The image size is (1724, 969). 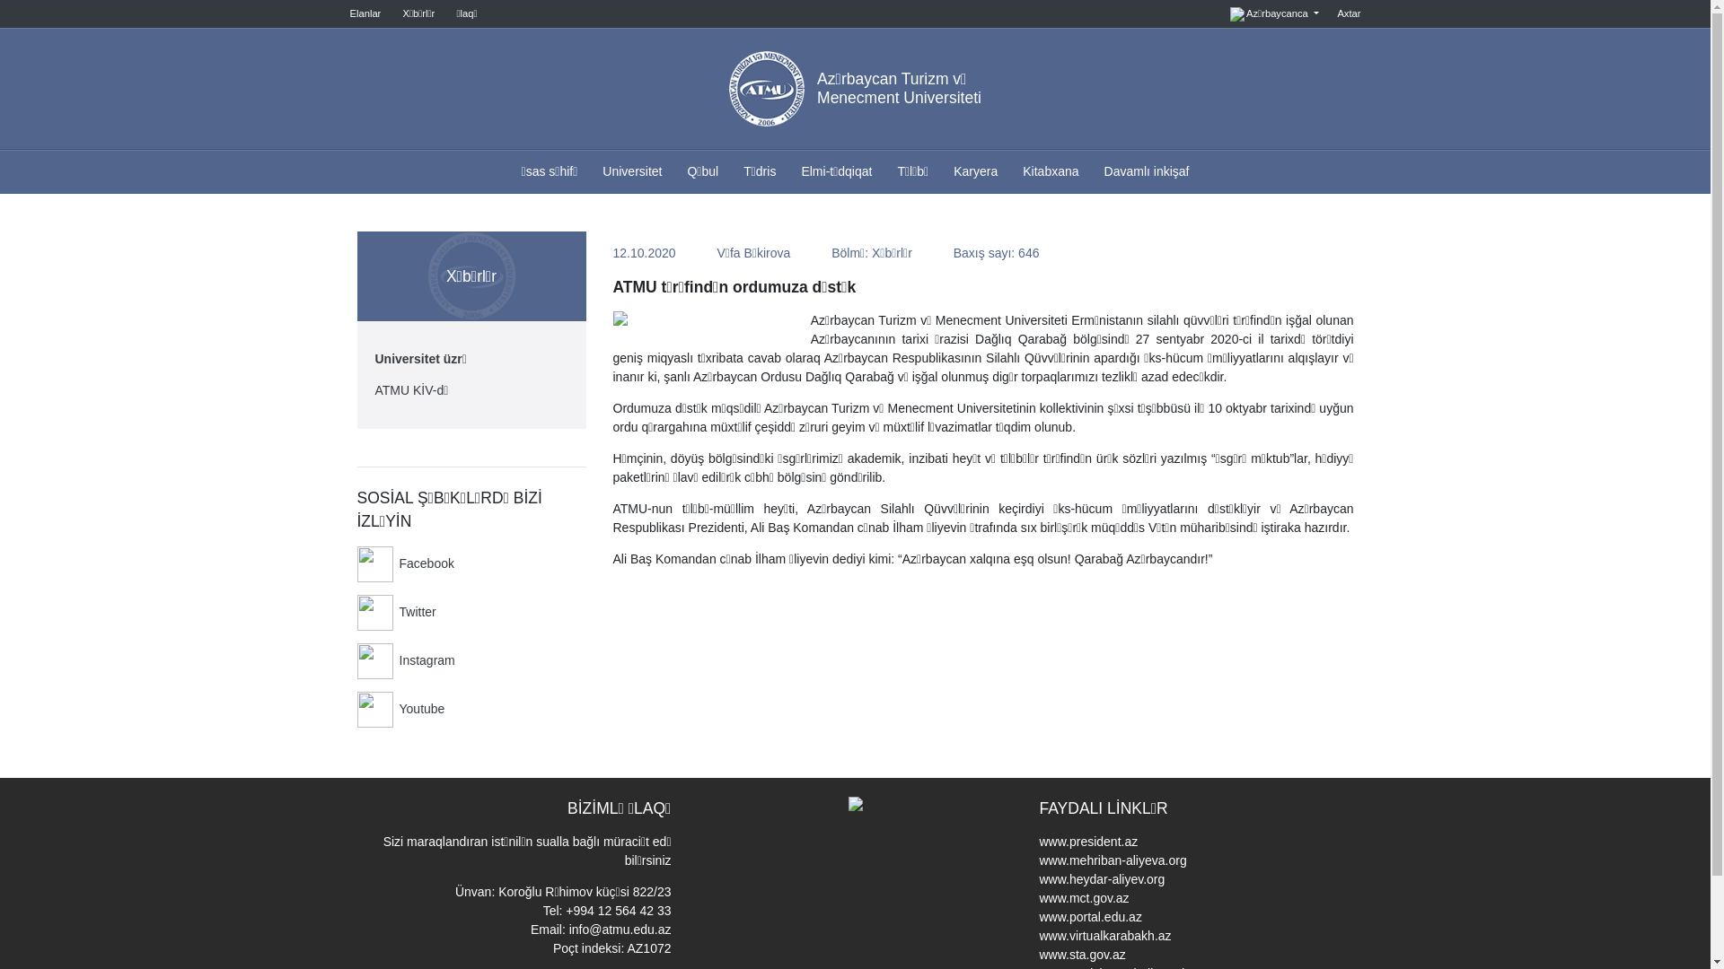 What do you see at coordinates (357, 611) in the screenshot?
I see `'Twitter'` at bounding box center [357, 611].